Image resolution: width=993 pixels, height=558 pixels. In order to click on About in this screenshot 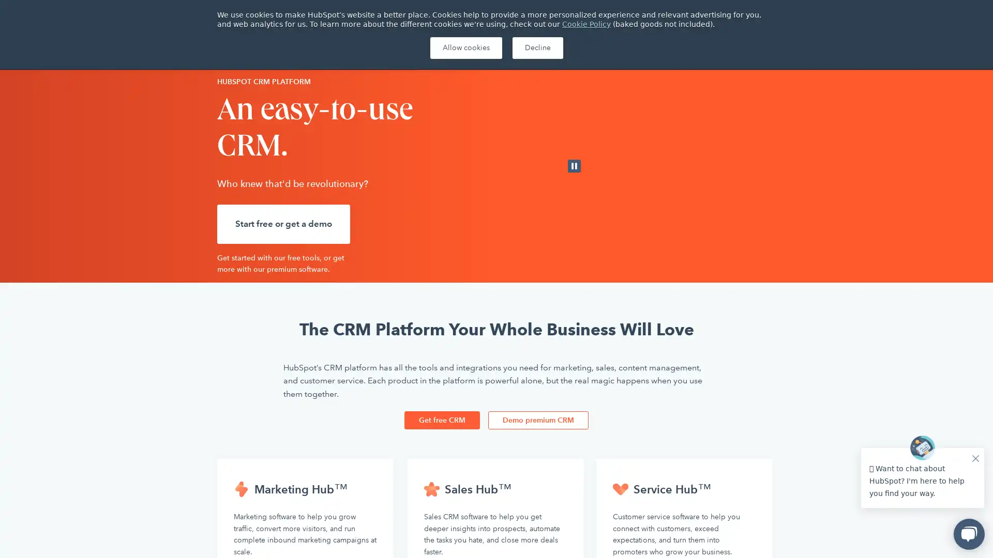, I will do `click(753, 13)`.